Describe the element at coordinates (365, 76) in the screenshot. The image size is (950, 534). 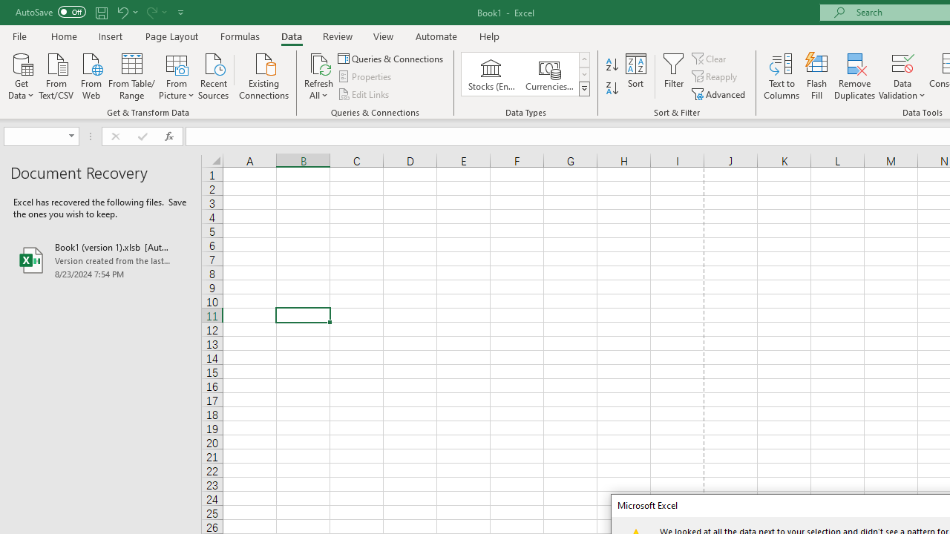
I see `'Properties'` at that location.